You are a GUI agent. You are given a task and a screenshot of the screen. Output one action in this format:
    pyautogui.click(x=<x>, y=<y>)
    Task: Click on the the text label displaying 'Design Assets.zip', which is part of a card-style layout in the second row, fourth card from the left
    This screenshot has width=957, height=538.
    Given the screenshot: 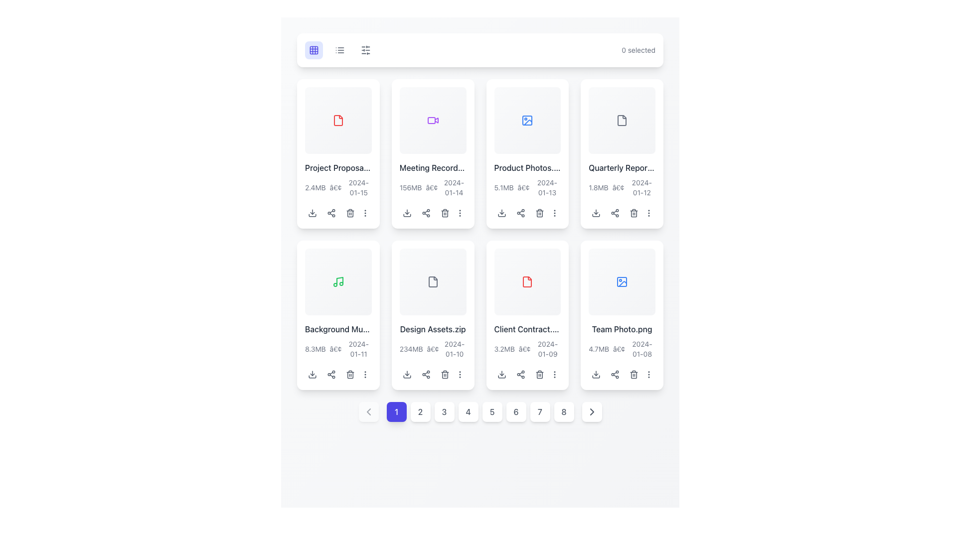 What is the action you would take?
    pyautogui.click(x=433, y=329)
    